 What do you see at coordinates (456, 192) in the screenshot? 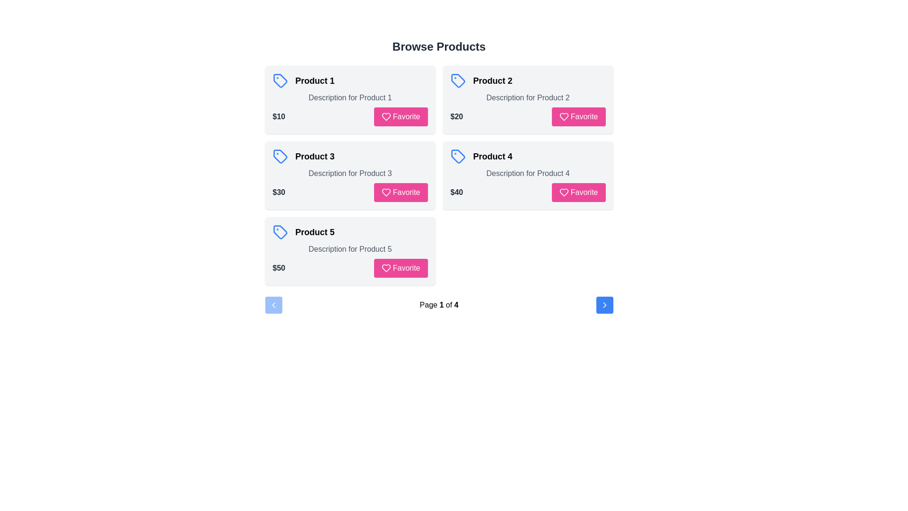
I see `the Label displaying the price of 'Product 4', which is positioned to the left of the 'Favorite' button in the bottom section of the product card` at bounding box center [456, 192].